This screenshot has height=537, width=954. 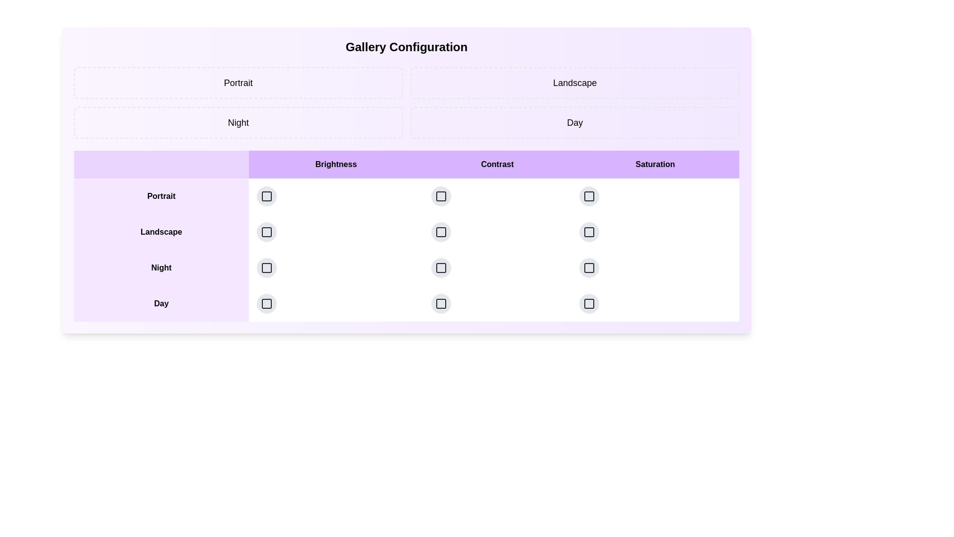 What do you see at coordinates (655, 268) in the screenshot?
I see `the button in the 'Saturation' column of the 'Night' row` at bounding box center [655, 268].